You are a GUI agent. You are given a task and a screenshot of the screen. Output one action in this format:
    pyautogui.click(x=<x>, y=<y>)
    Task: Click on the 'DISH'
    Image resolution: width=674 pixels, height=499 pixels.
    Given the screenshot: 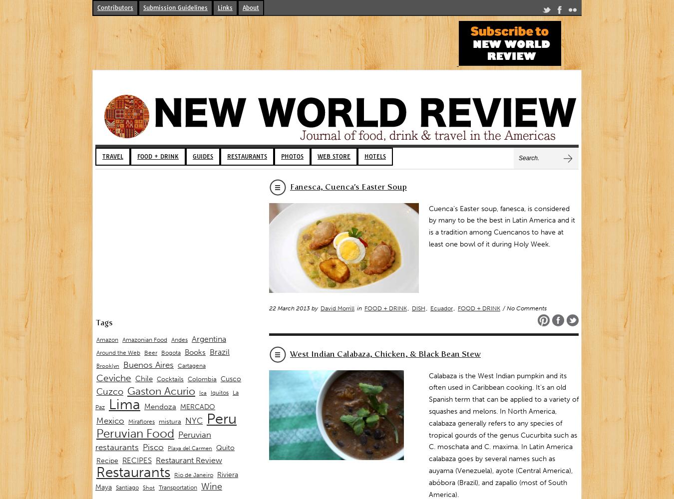 What is the action you would take?
    pyautogui.click(x=411, y=307)
    